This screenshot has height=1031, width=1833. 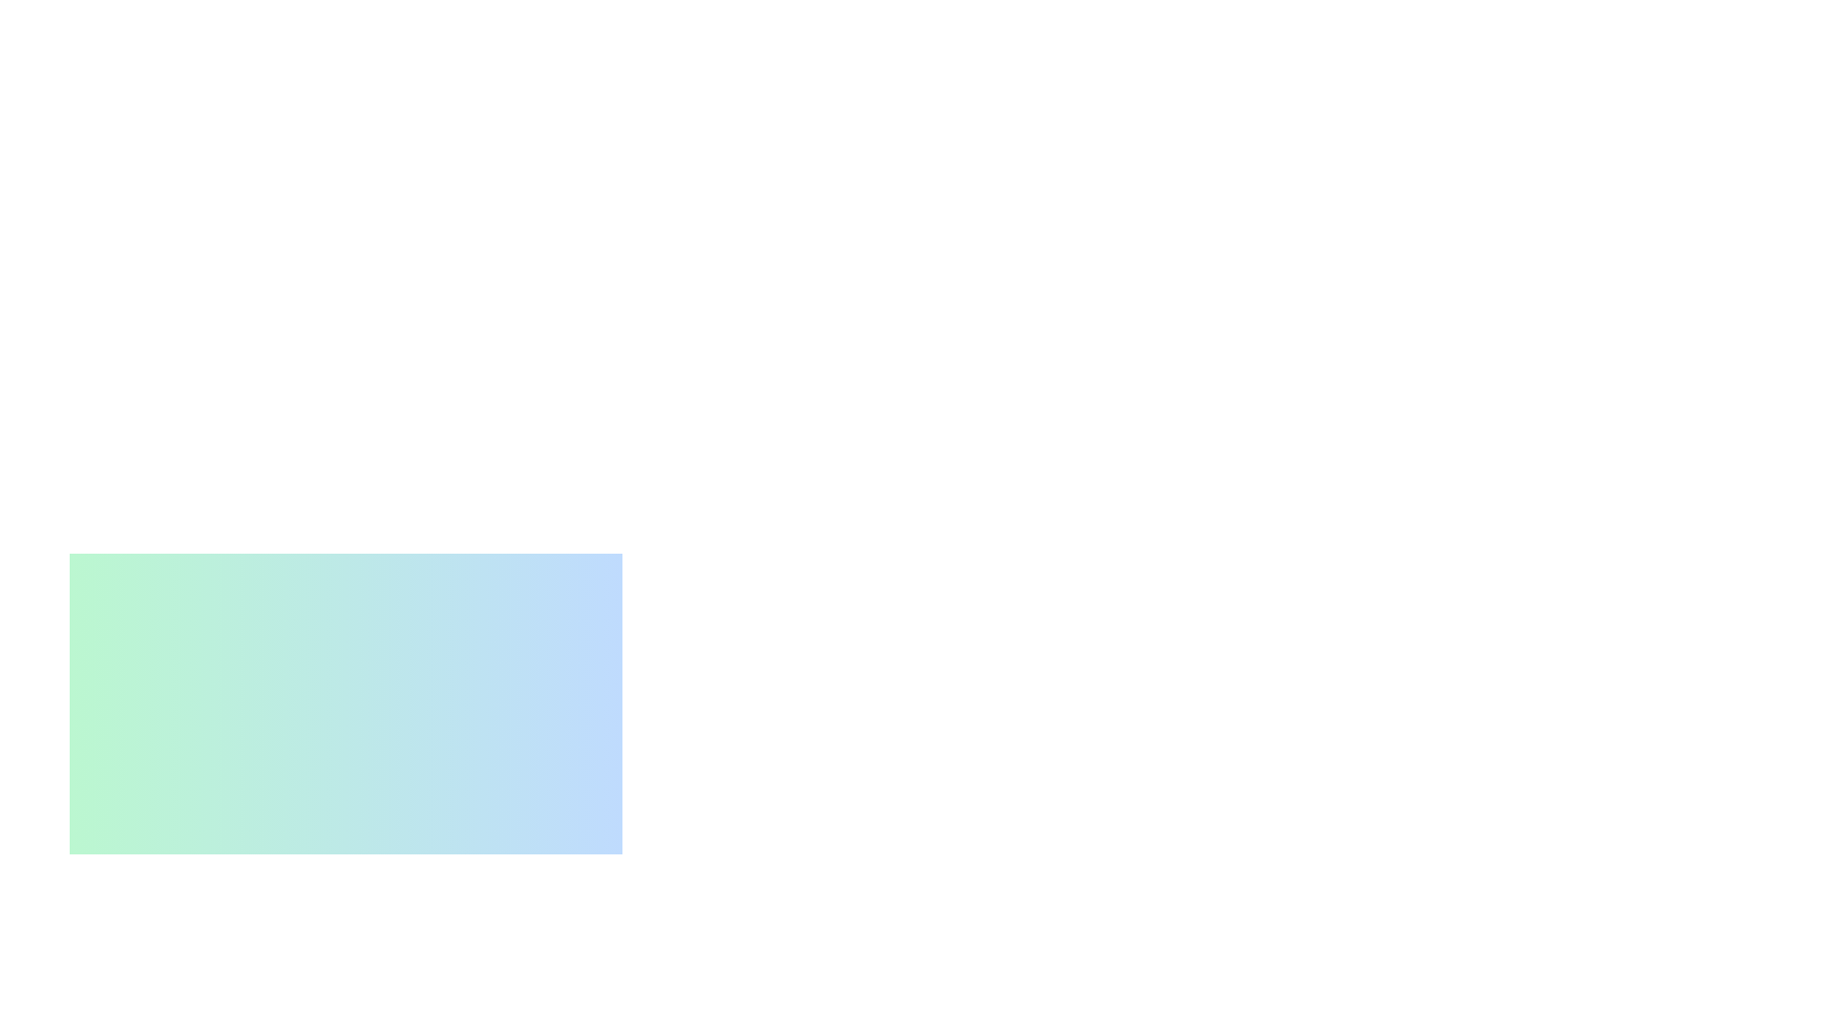 I want to click on the menu item corresponding to Power Settings to observe its hover effect, so click(x=257, y=1019).